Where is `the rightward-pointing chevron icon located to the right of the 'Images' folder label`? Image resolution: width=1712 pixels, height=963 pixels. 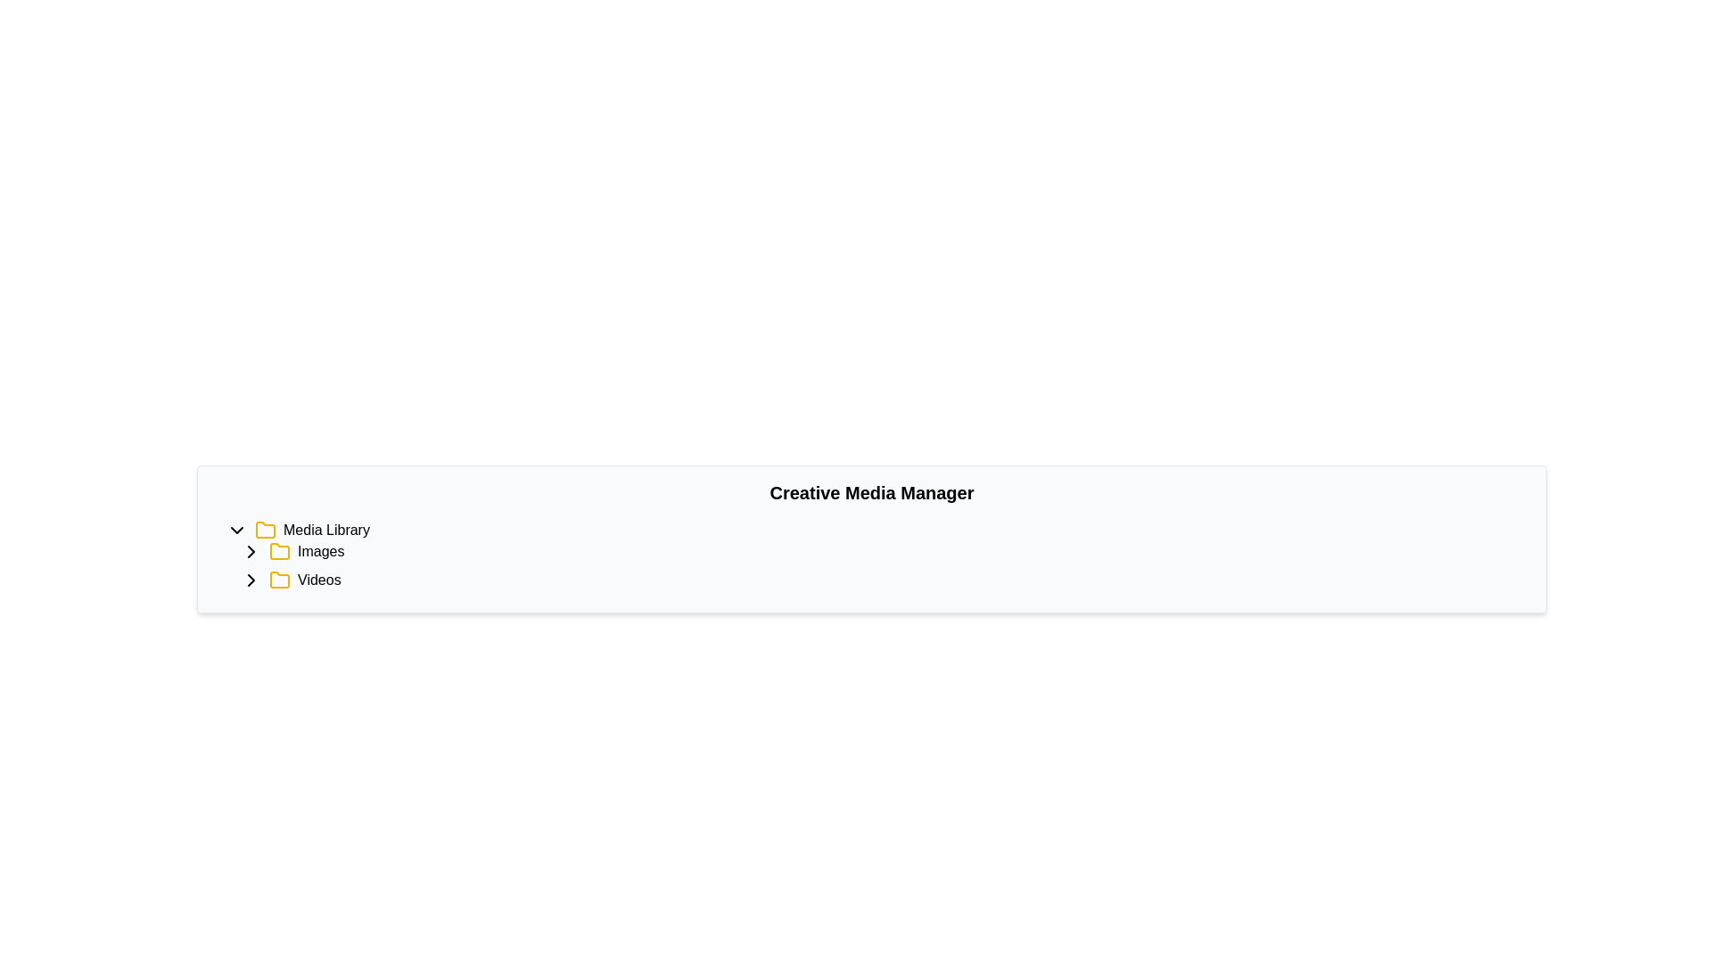
the rightward-pointing chevron icon located to the right of the 'Images' folder label is located at coordinates (251, 550).